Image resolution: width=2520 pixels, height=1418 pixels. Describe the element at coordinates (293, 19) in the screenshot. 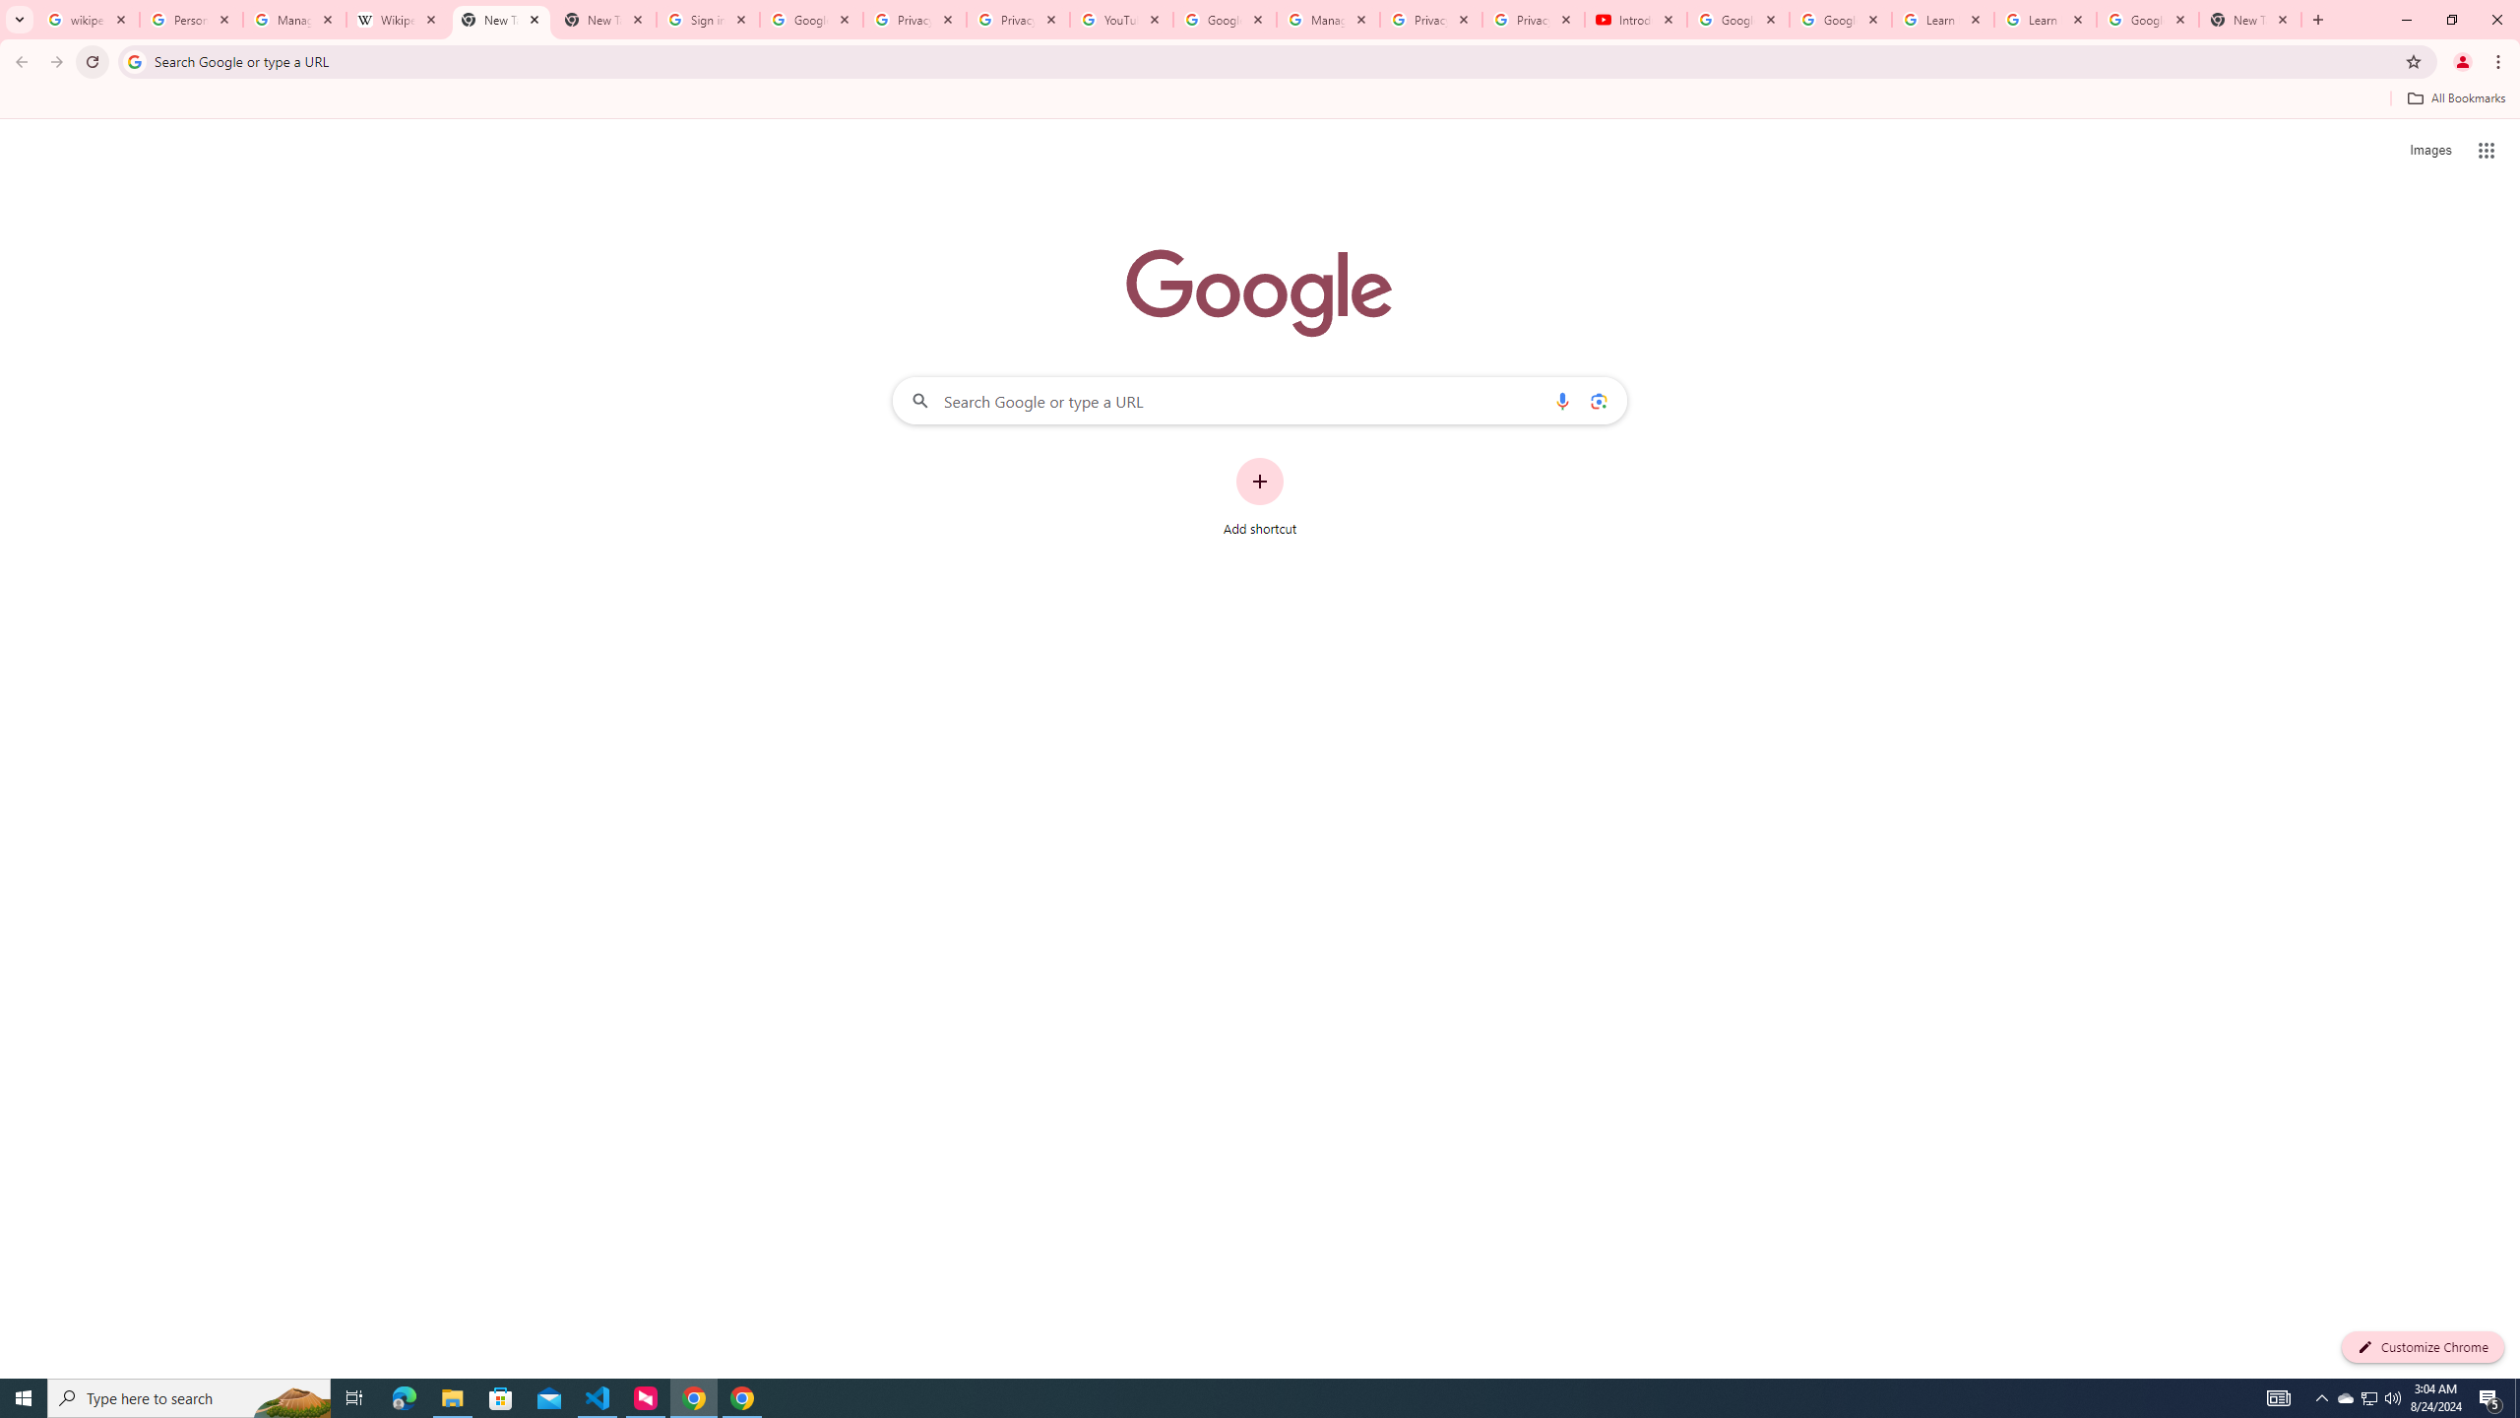

I see `'Manage your Location History - Google Search Help'` at that location.